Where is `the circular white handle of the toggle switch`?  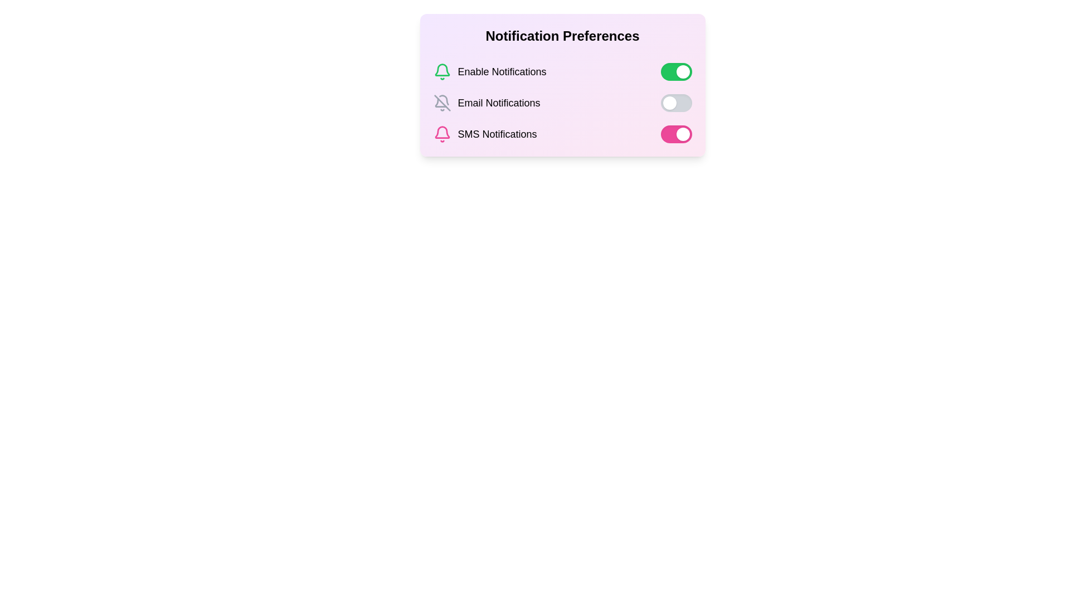 the circular white handle of the toggle switch is located at coordinates (675, 103).